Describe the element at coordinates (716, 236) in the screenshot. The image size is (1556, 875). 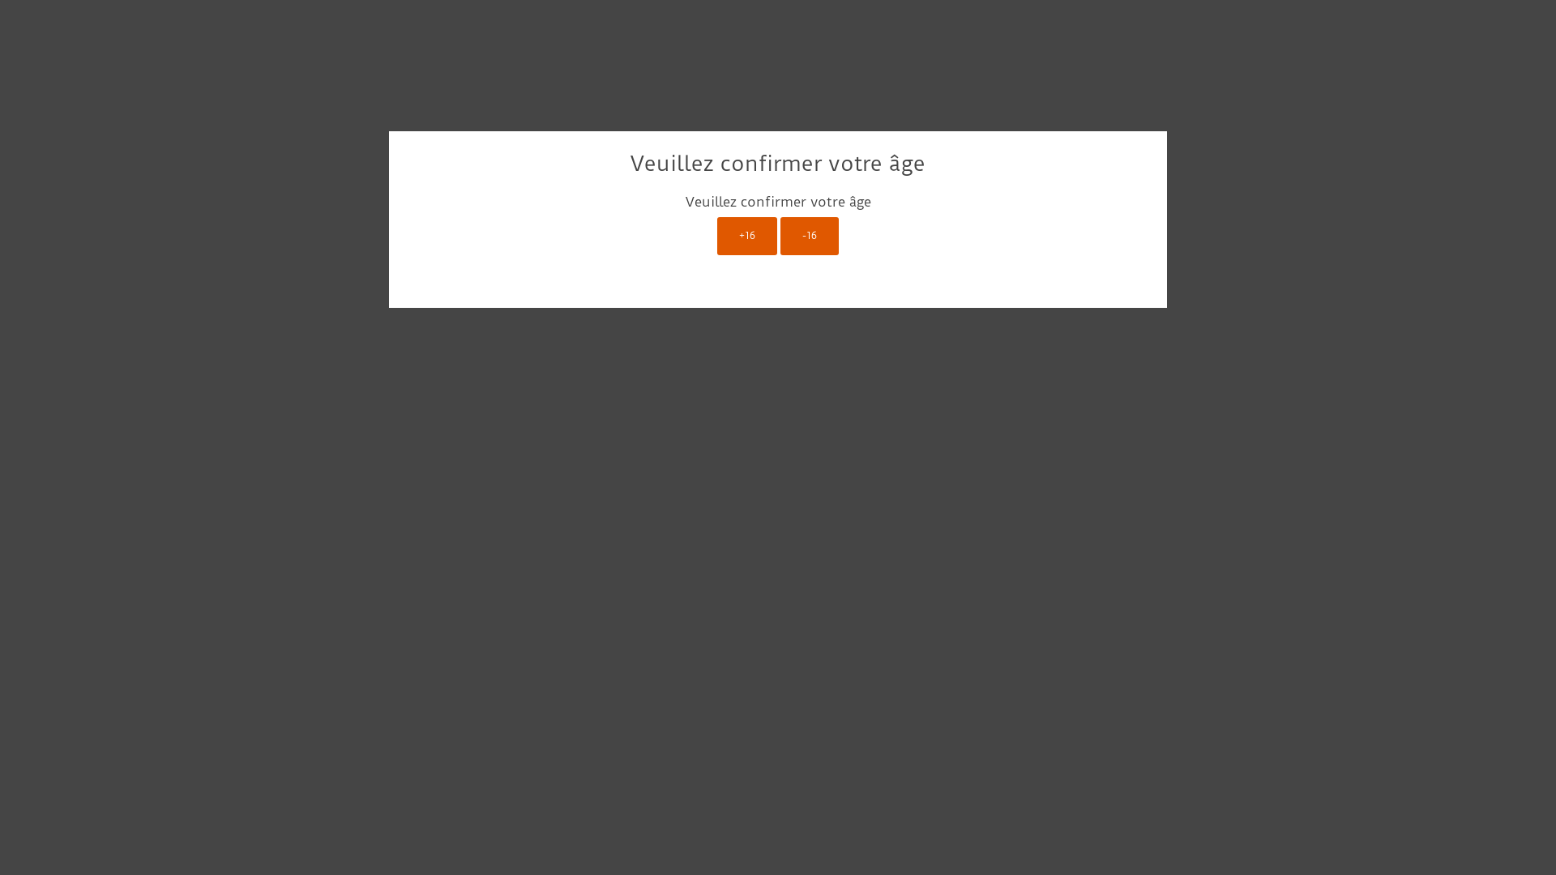
I see `'+16'` at that location.